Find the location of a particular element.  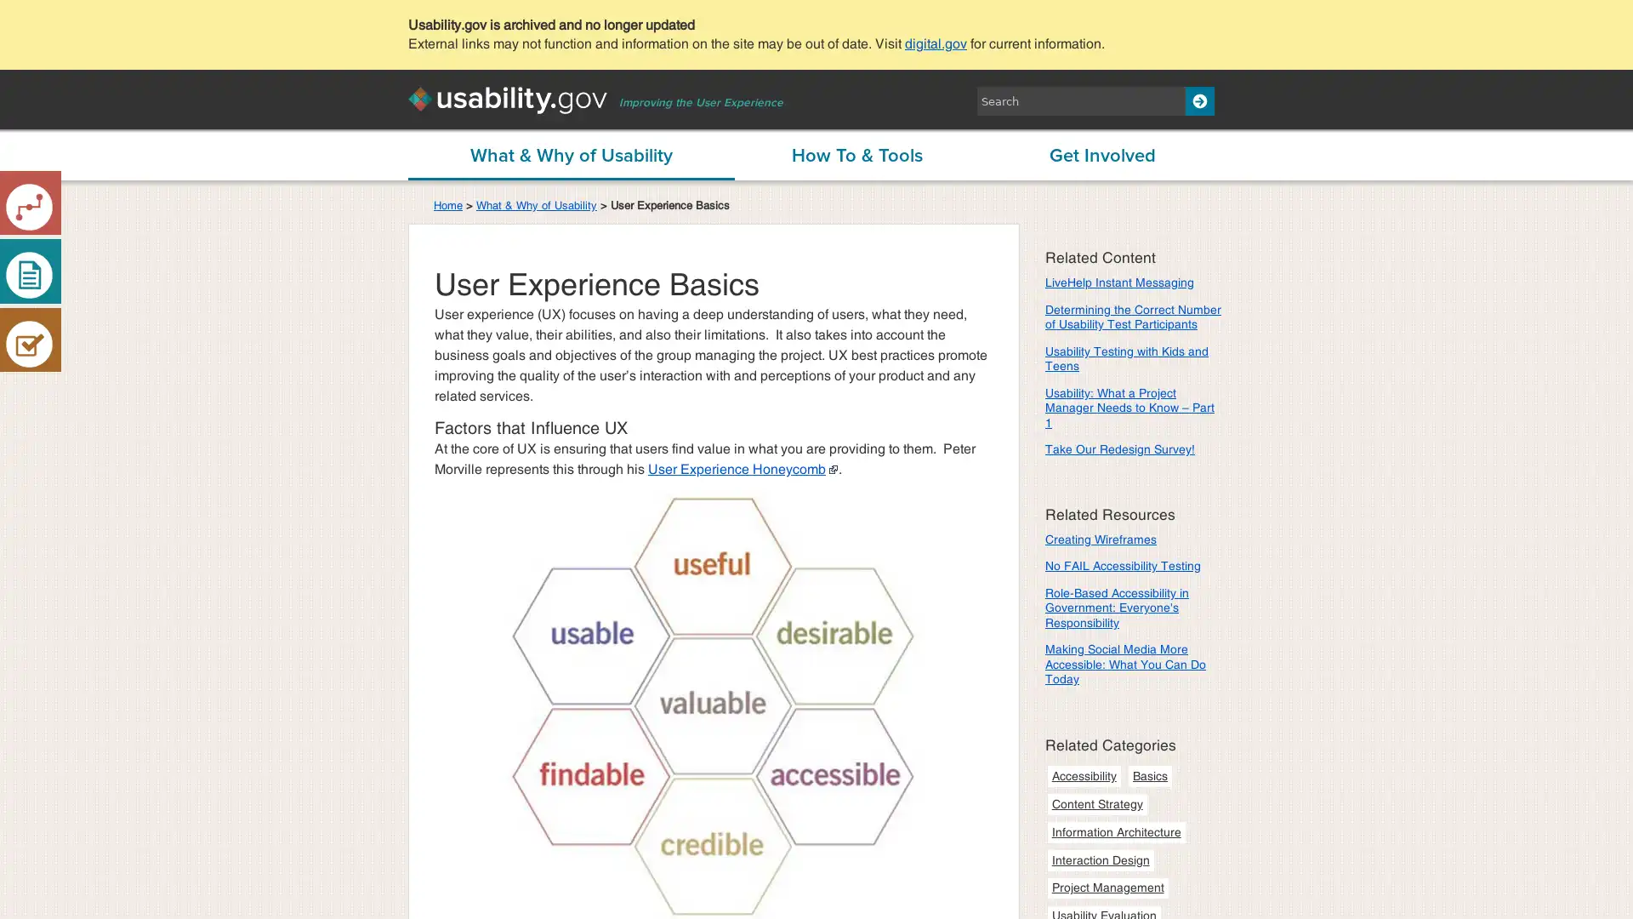

Search is located at coordinates (1199, 101).